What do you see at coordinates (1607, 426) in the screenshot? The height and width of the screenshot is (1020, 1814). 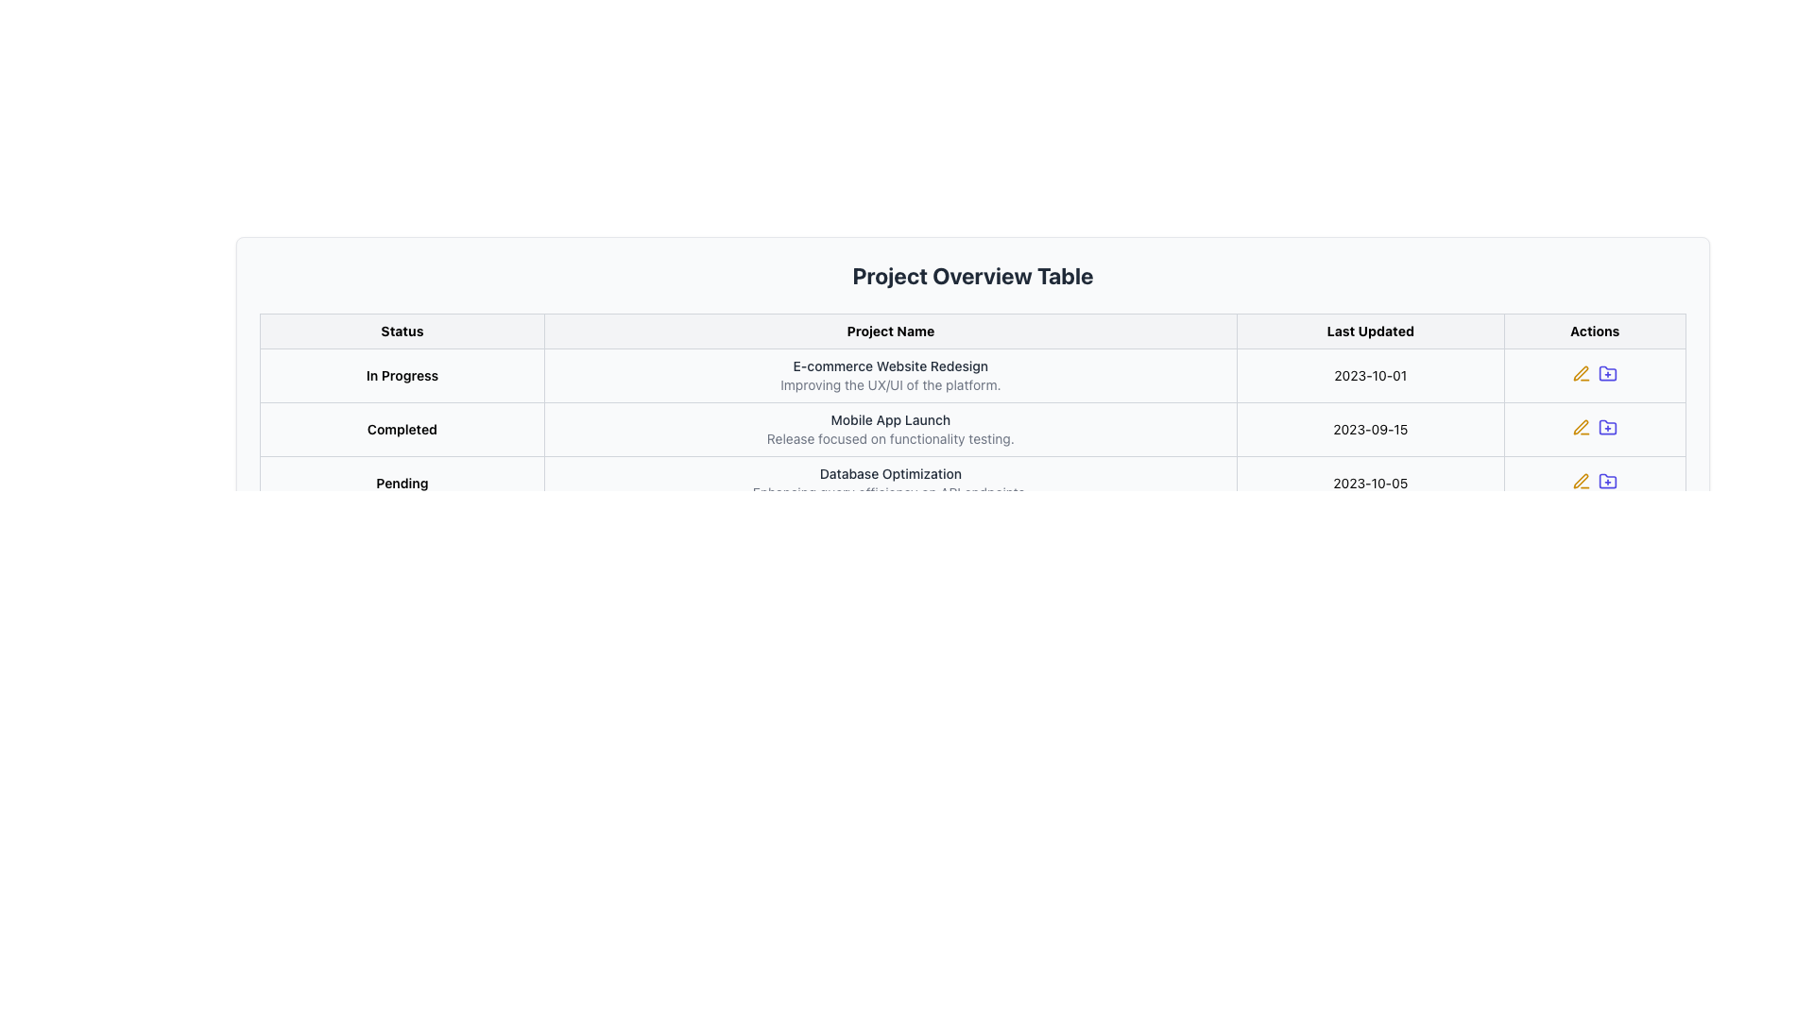 I see `the add or create icon in the 'Actions' column of the 'Completed' row, located after the pencil-shaped icon` at bounding box center [1607, 426].